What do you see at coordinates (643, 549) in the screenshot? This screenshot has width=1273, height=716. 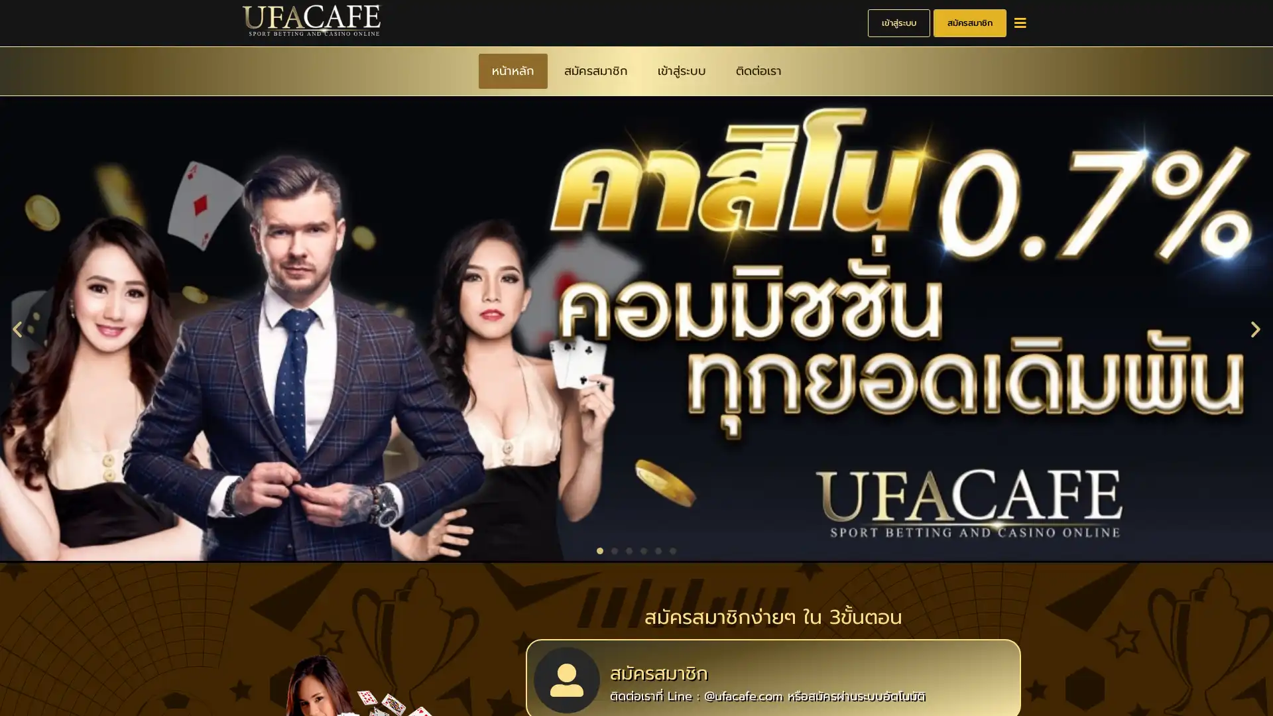 I see `Go to slide 4` at bounding box center [643, 549].